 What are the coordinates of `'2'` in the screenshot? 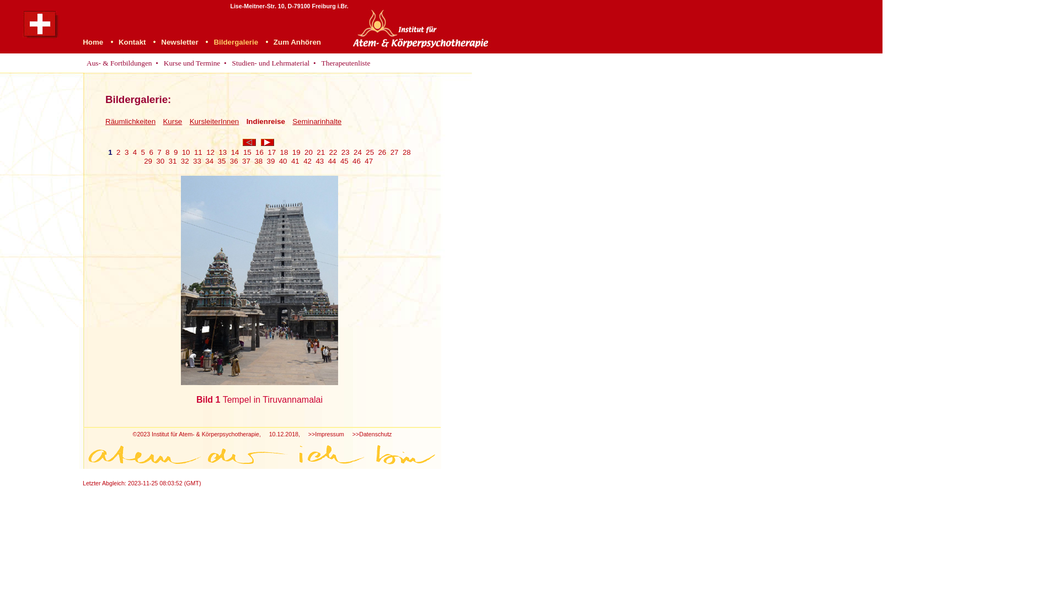 It's located at (116, 152).